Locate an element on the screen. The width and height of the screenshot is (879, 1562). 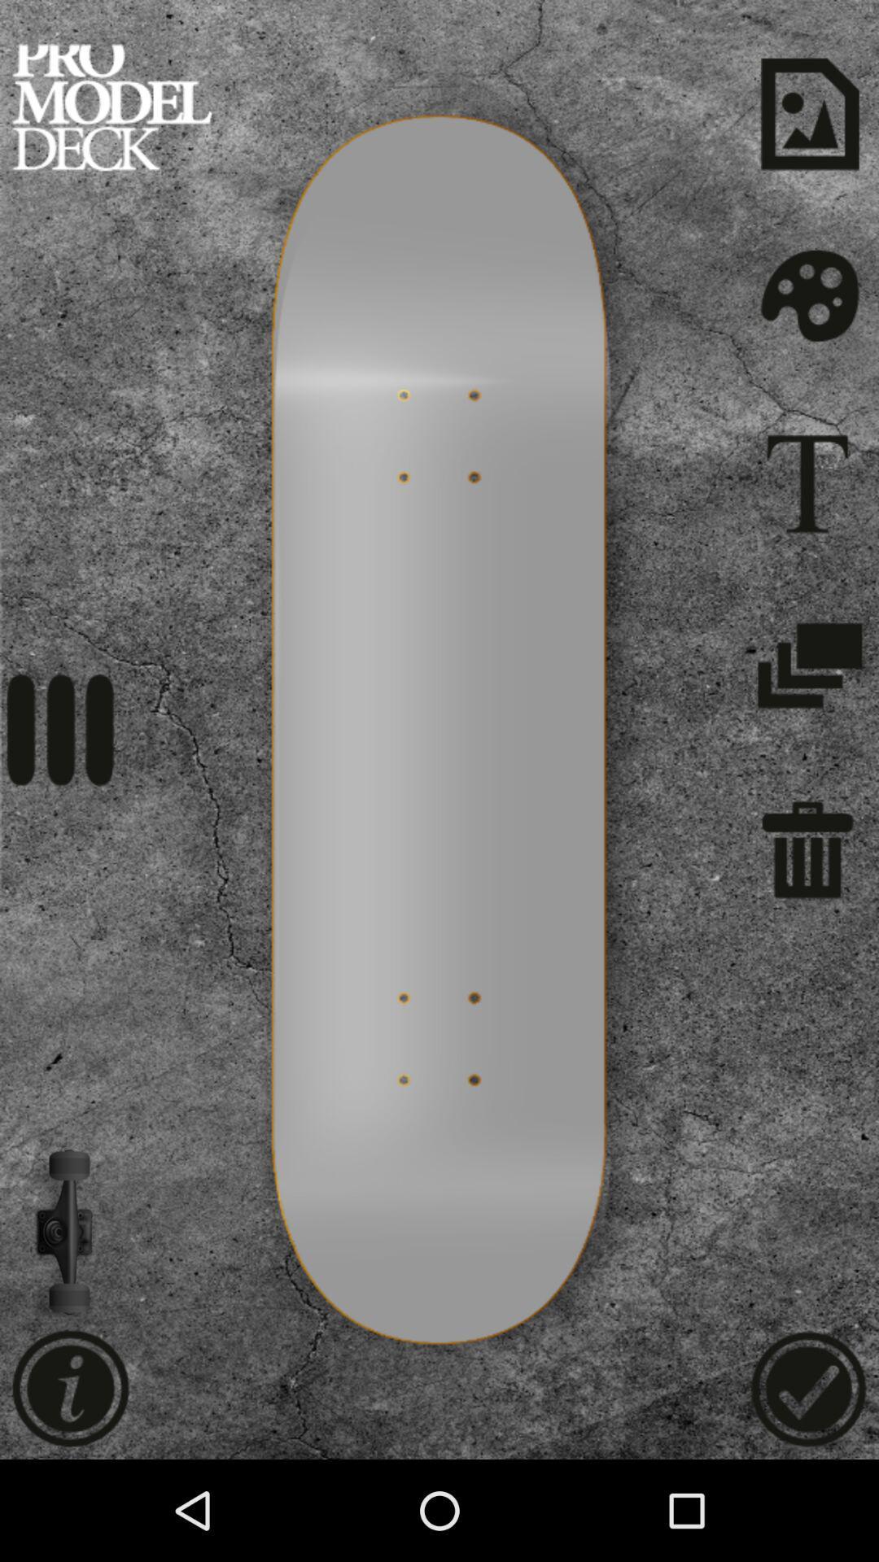
the wallpaper icon is located at coordinates (807, 120).